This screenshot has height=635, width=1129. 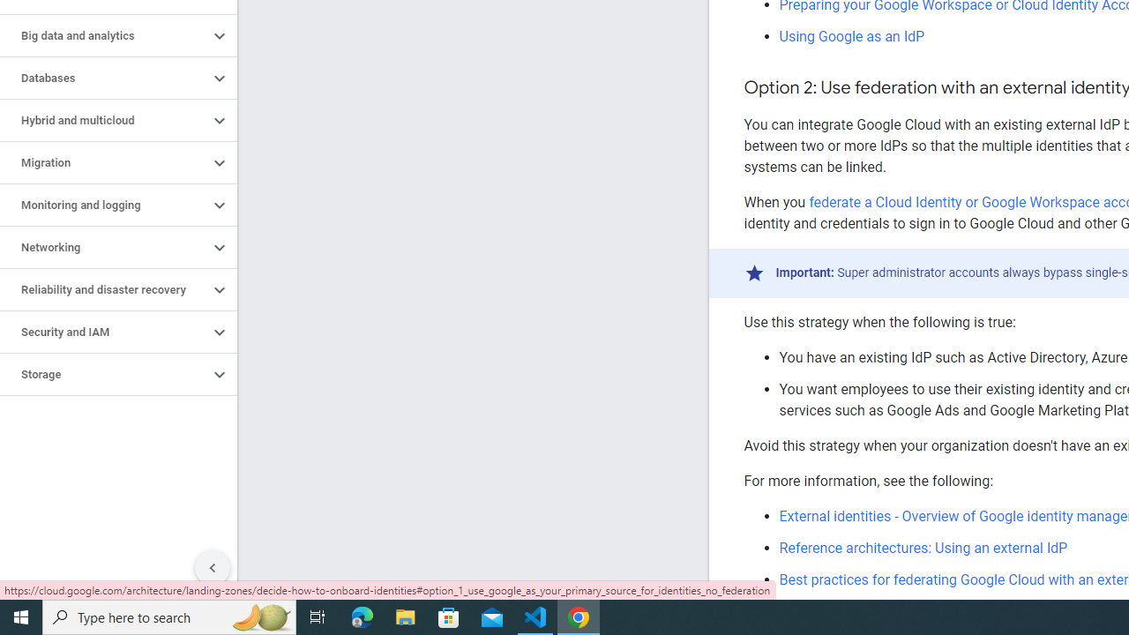 I want to click on 'Monitoring and logging', so click(x=103, y=204).